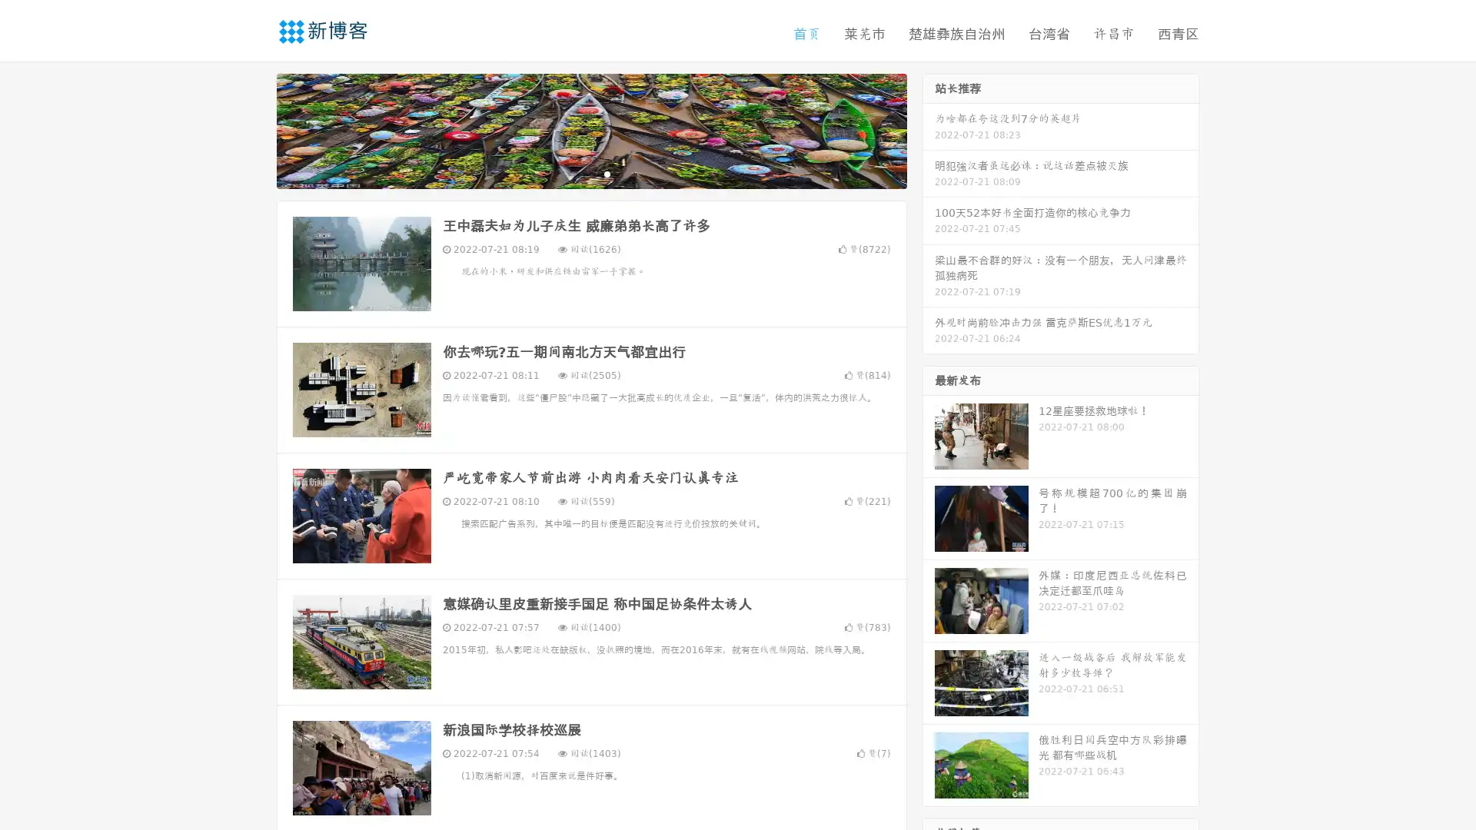 The width and height of the screenshot is (1476, 830). I want to click on Next slide, so click(929, 129).